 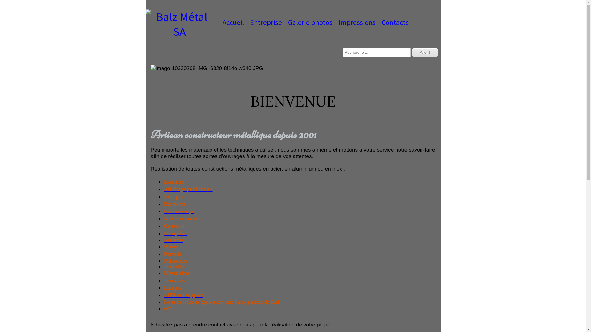 I want to click on 'Couverts', so click(x=174, y=226).